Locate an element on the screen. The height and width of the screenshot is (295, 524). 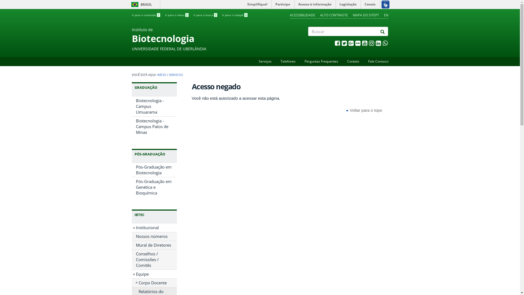
'Biotecnologia - Campus Umuarama' is located at coordinates (154, 106).